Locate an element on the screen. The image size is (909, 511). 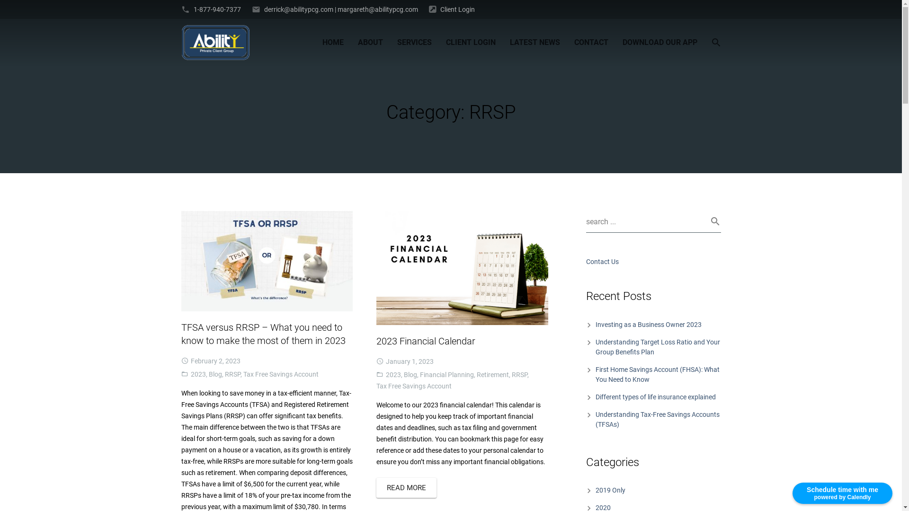
'Understanding Target Loss Ratio and Your Group Benefits Plan' is located at coordinates (657, 347).